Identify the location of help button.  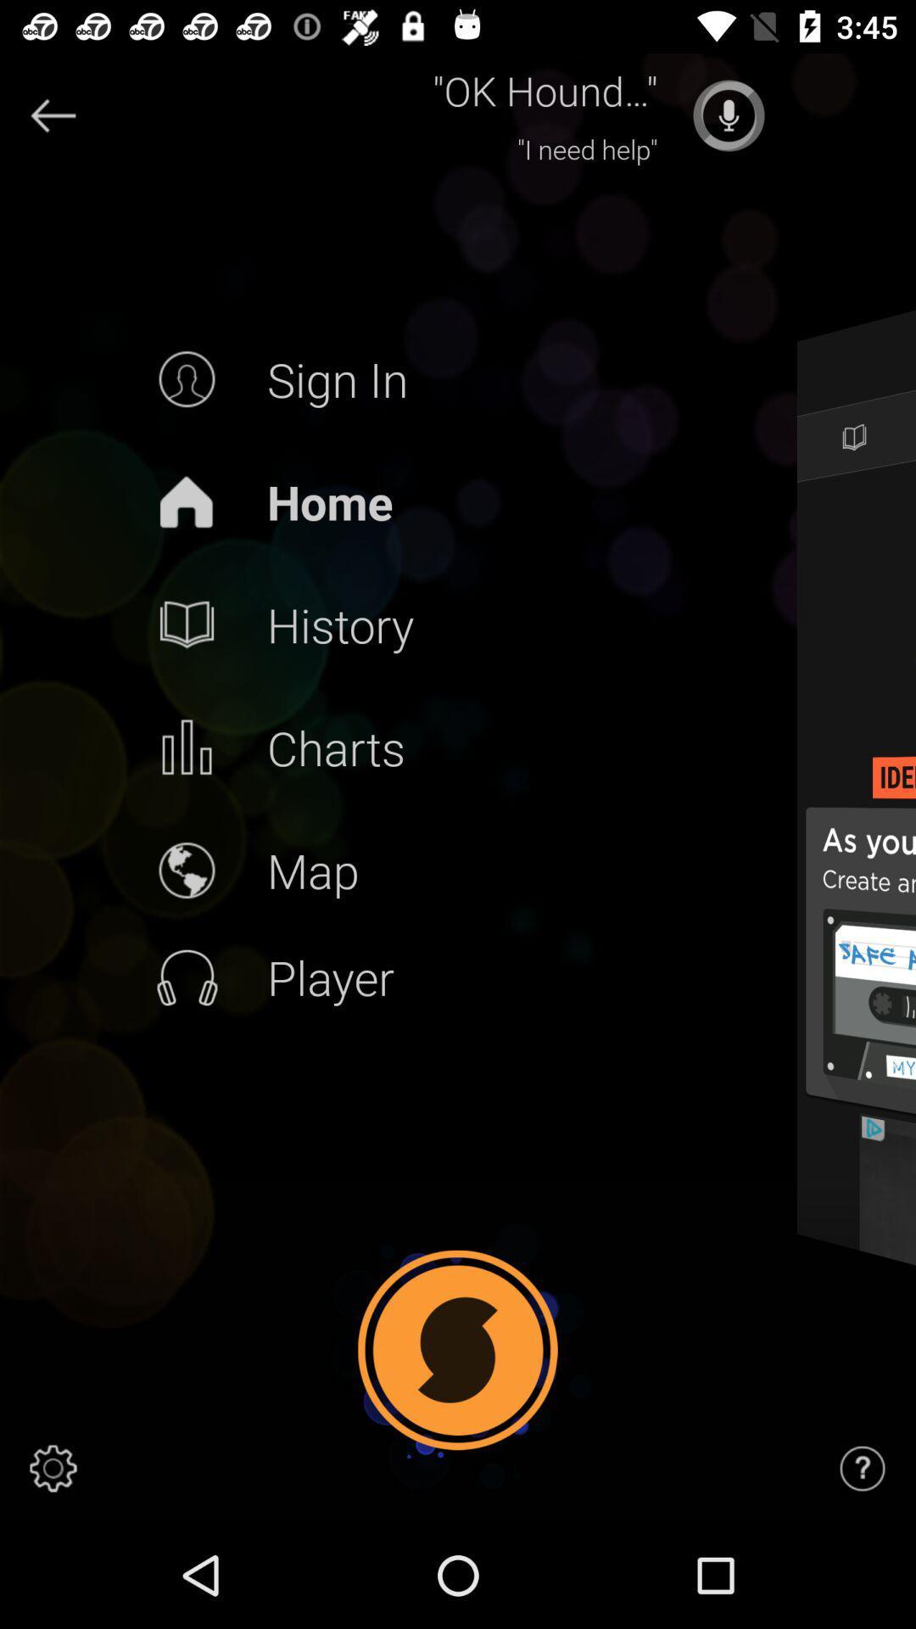
(863, 1468).